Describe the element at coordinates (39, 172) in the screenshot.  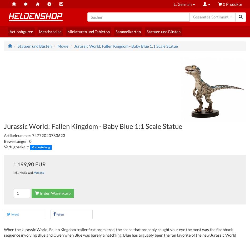
I see `'Versand'` at that location.